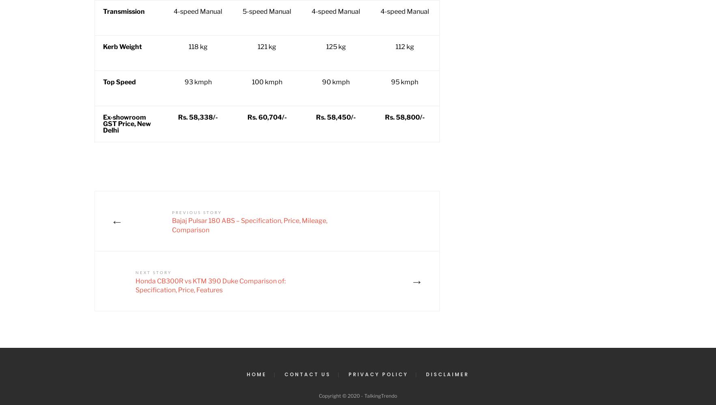 This screenshot has width=716, height=405. Describe the element at coordinates (335, 117) in the screenshot. I see `'Rs. 58,450/-'` at that location.